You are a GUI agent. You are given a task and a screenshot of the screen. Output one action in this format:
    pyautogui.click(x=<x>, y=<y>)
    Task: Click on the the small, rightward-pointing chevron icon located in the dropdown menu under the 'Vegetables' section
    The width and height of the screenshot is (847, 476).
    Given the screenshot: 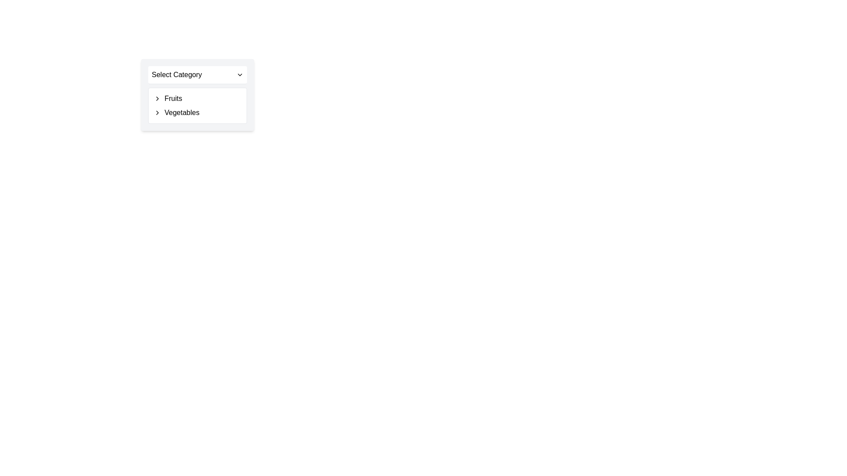 What is the action you would take?
    pyautogui.click(x=157, y=112)
    